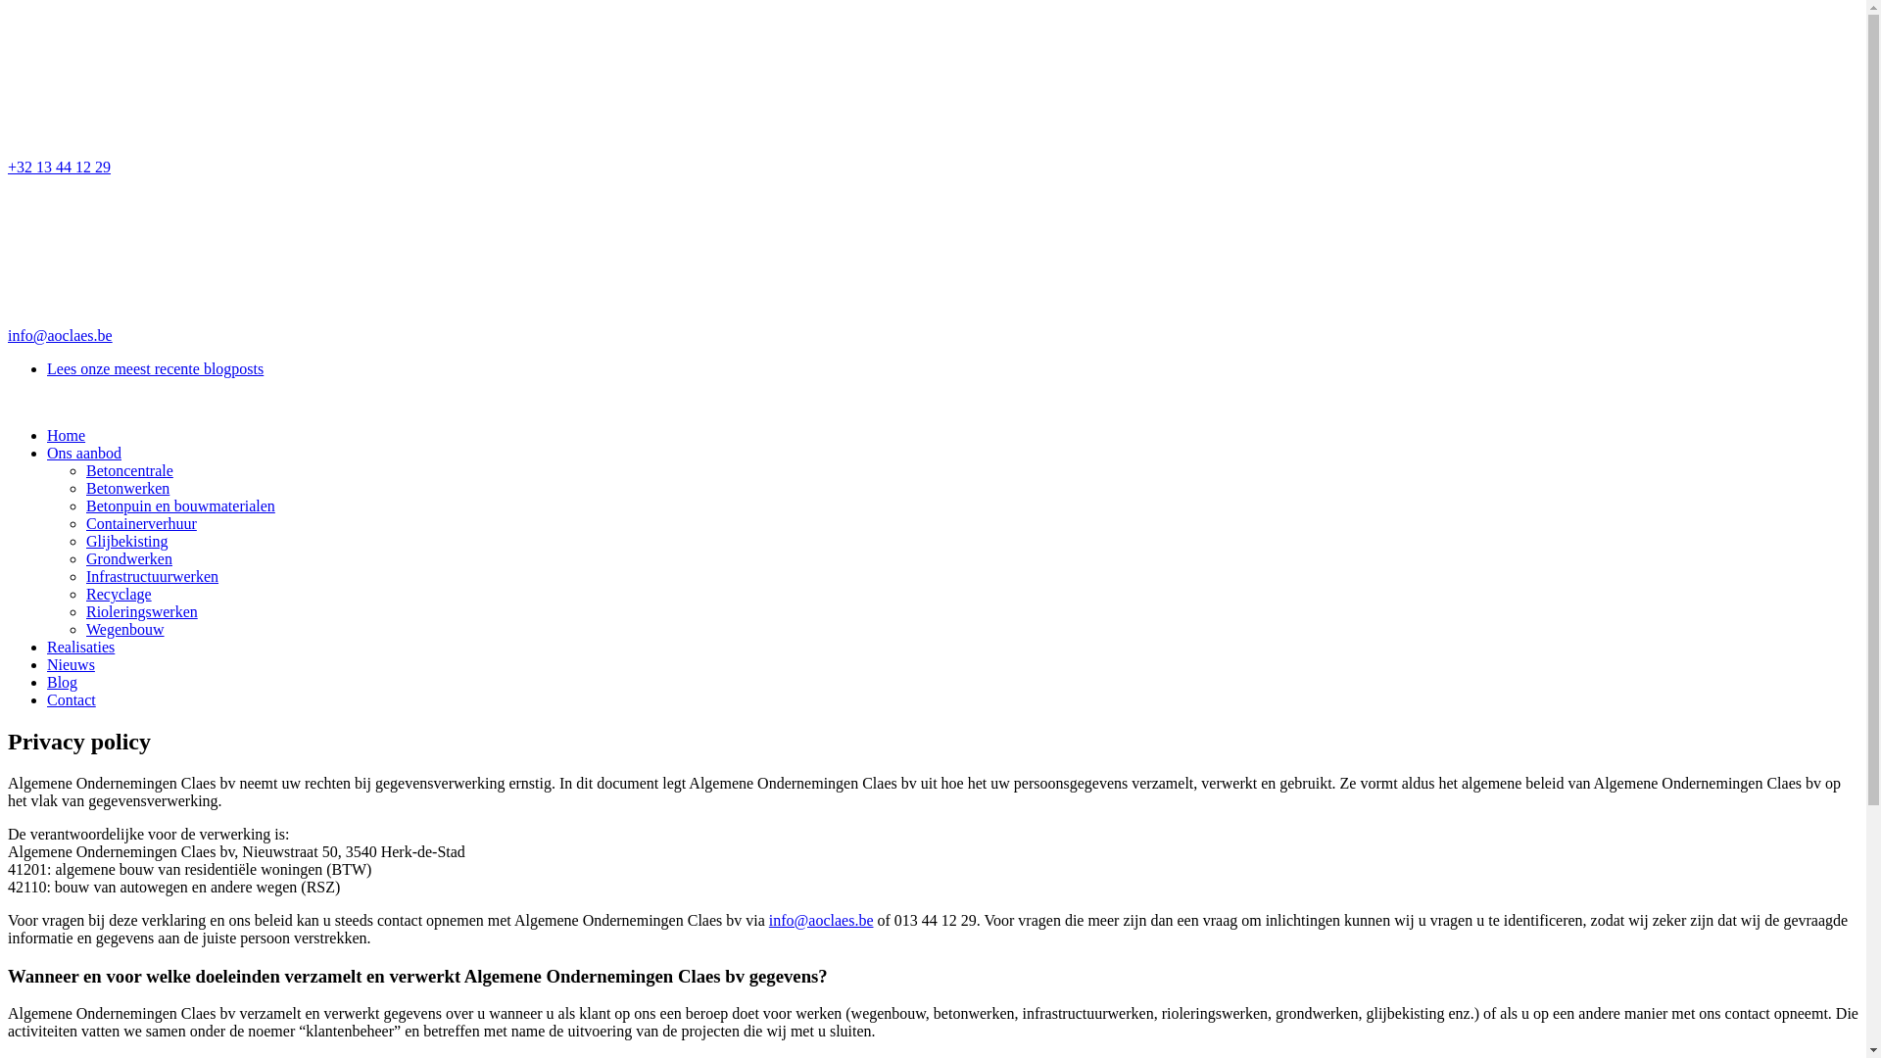  Describe the element at coordinates (151, 575) in the screenshot. I see `'Infrastructuurwerken'` at that location.